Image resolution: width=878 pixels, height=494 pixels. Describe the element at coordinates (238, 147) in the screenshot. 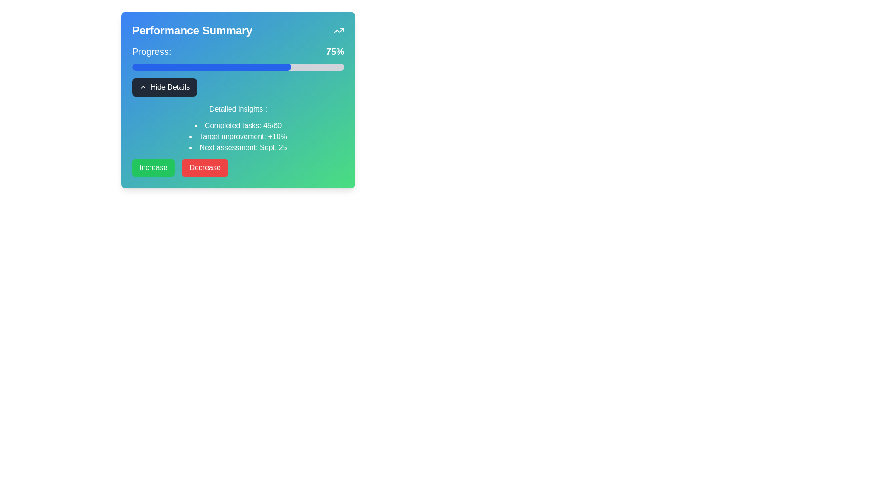

I see `the informative text label indicating the date of the next assessment, which is the third item in the bullet-point list under 'Detailed insights'` at that location.